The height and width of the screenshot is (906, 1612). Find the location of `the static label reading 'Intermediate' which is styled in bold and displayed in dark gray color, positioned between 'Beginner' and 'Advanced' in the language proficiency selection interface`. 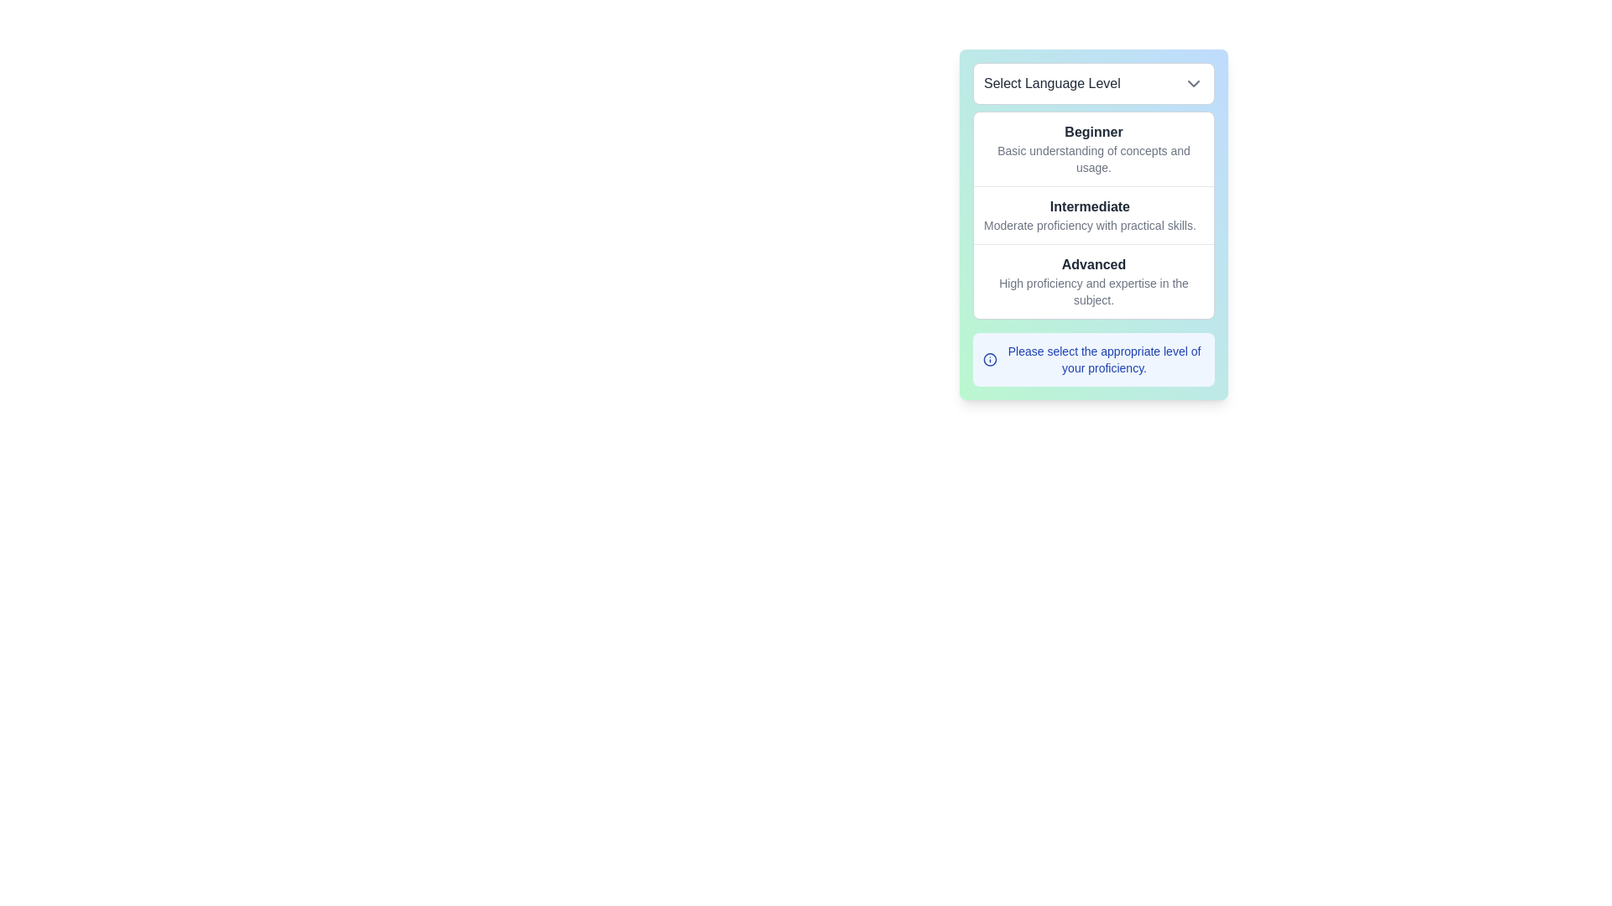

the static label reading 'Intermediate' which is styled in bold and displayed in dark gray color, positioned between 'Beginner' and 'Advanced' in the language proficiency selection interface is located at coordinates (1090, 206).